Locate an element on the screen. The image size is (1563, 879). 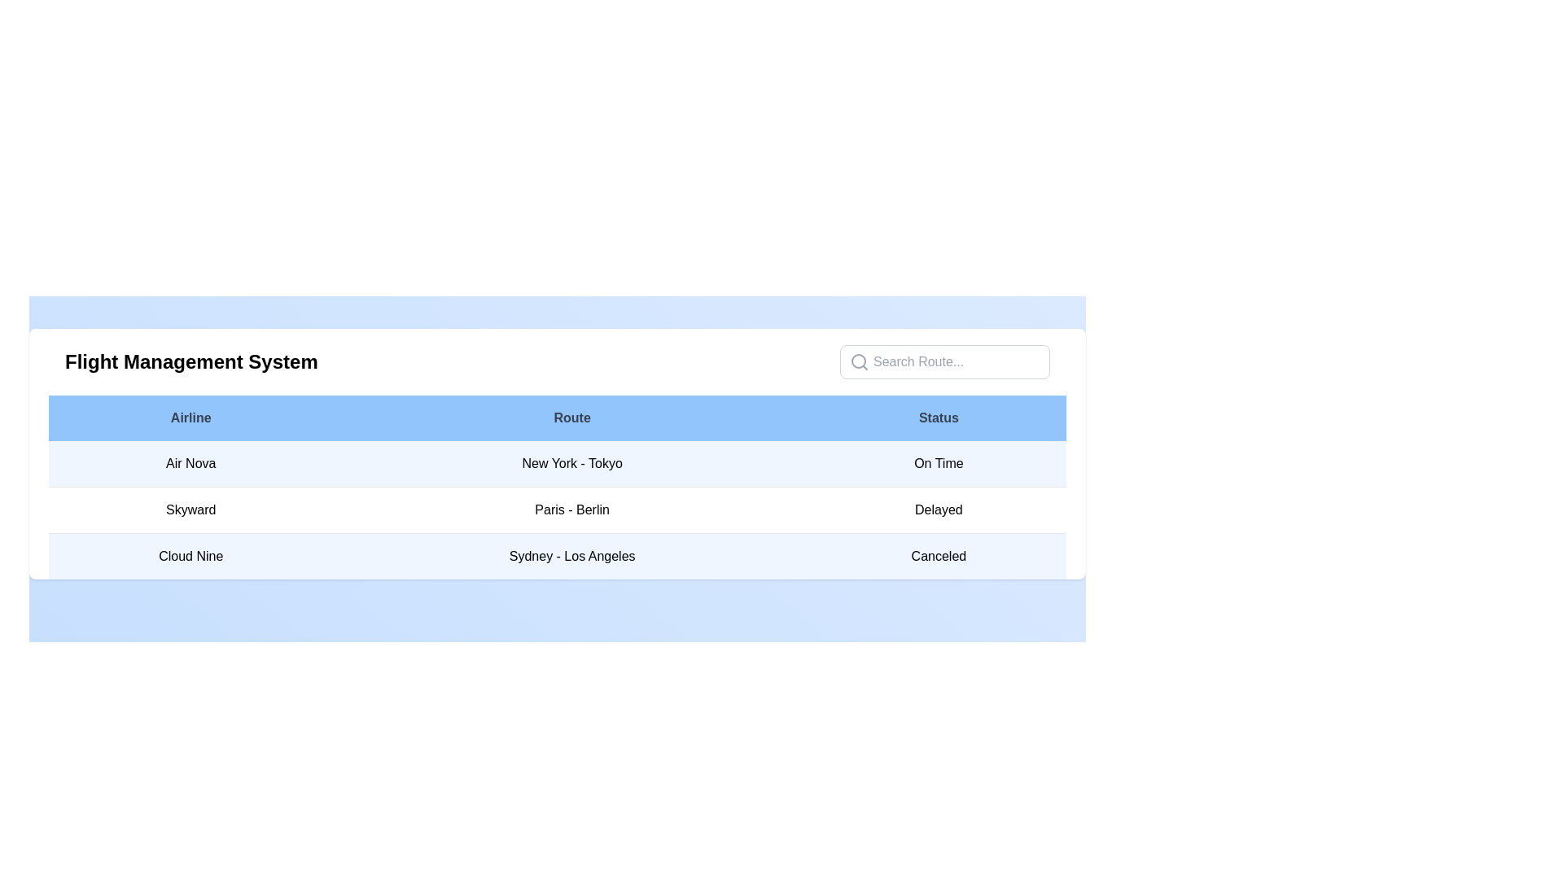
the 'Skyward' text label in the second row of the 'Airline' column, which is bold, black, and centered within a white background is located at coordinates (190, 509).